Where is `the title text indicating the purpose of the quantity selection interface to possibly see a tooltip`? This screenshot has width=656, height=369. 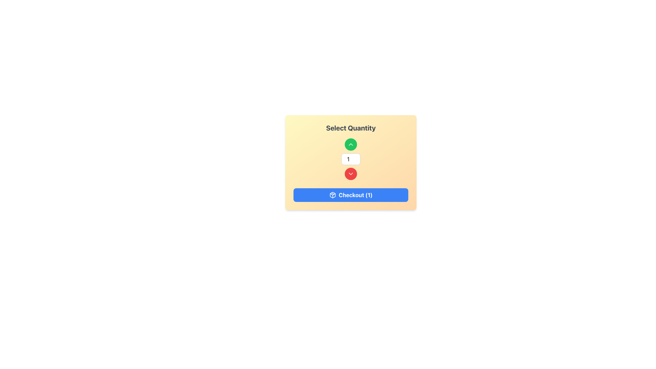
the title text indicating the purpose of the quantity selection interface to possibly see a tooltip is located at coordinates (351, 128).